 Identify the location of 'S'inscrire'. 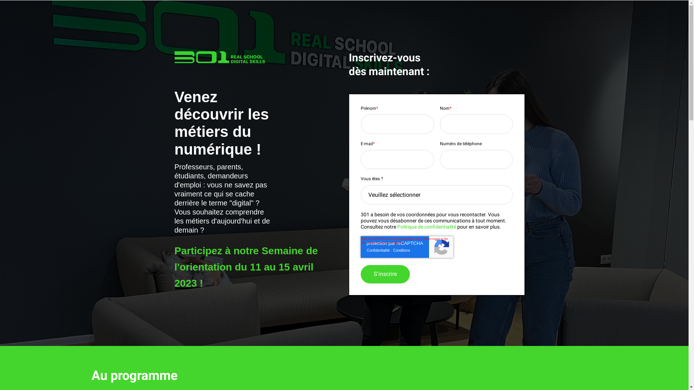
(385, 274).